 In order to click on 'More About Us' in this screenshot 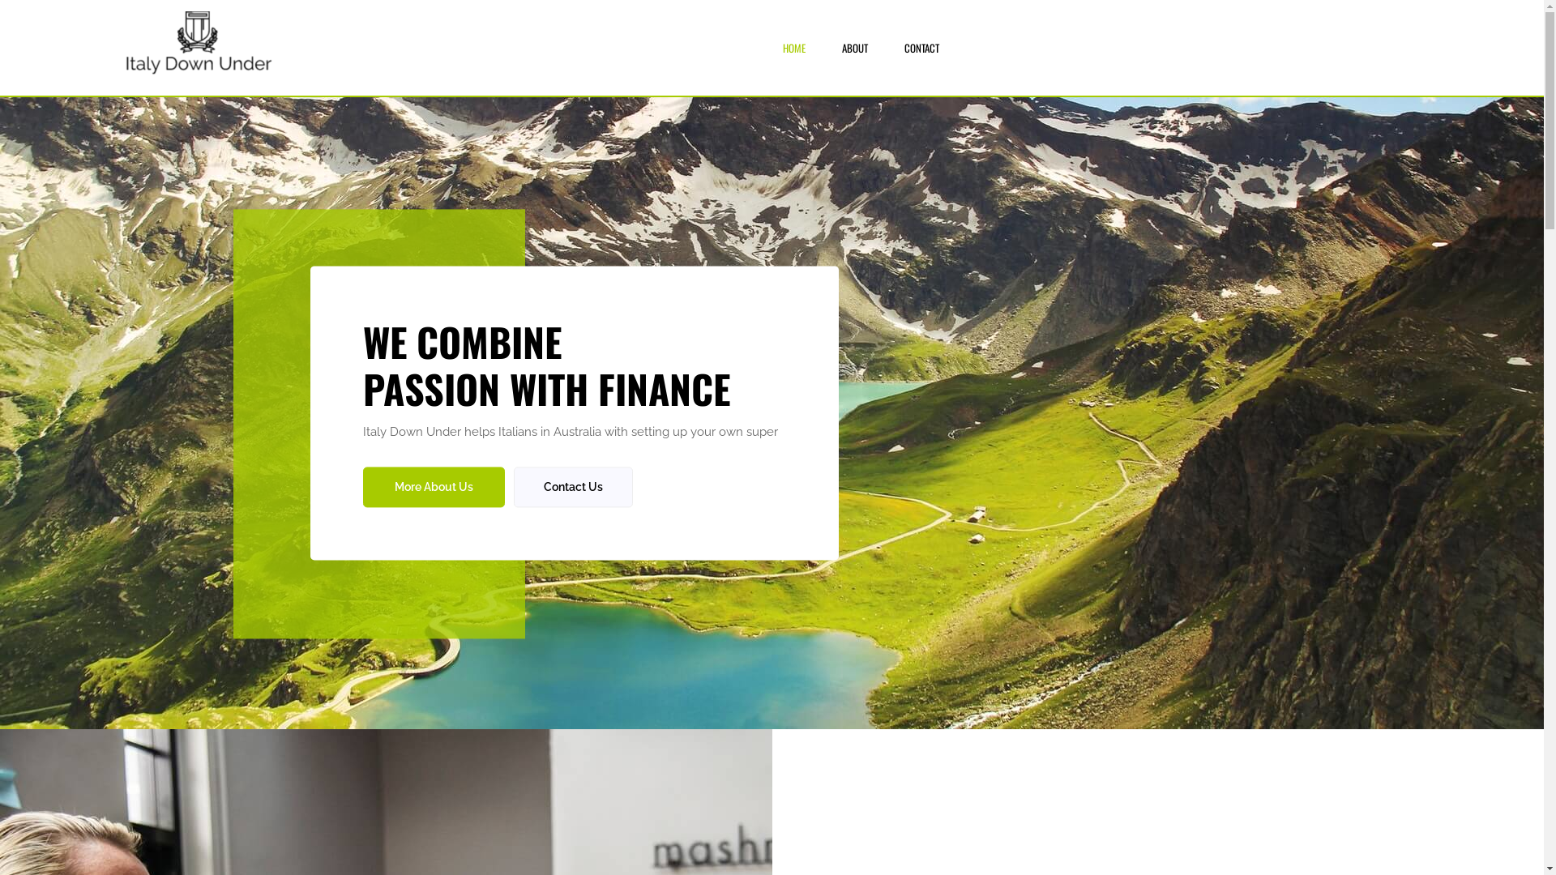, I will do `click(434, 486)`.